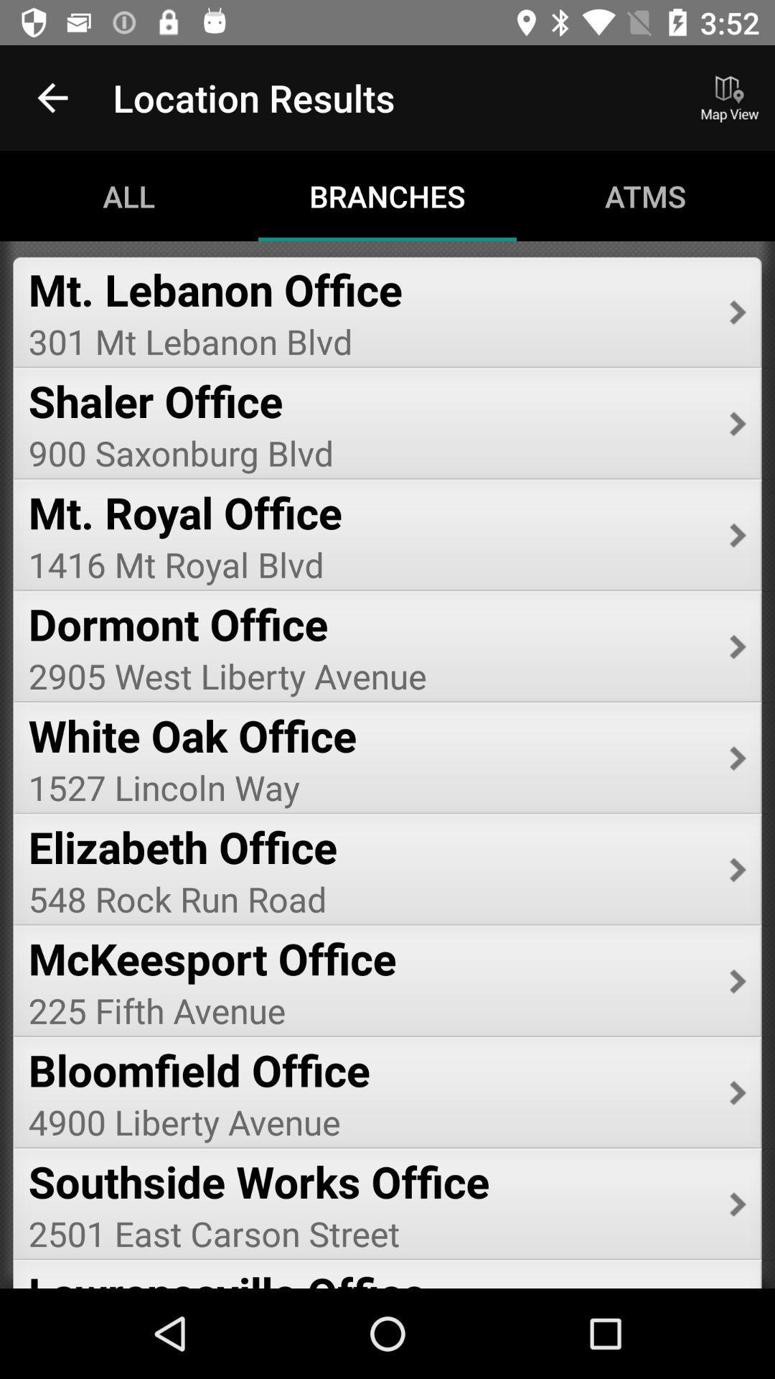 The image size is (775, 1379). Describe the element at coordinates (368, 847) in the screenshot. I see `the elizabeth office icon` at that location.